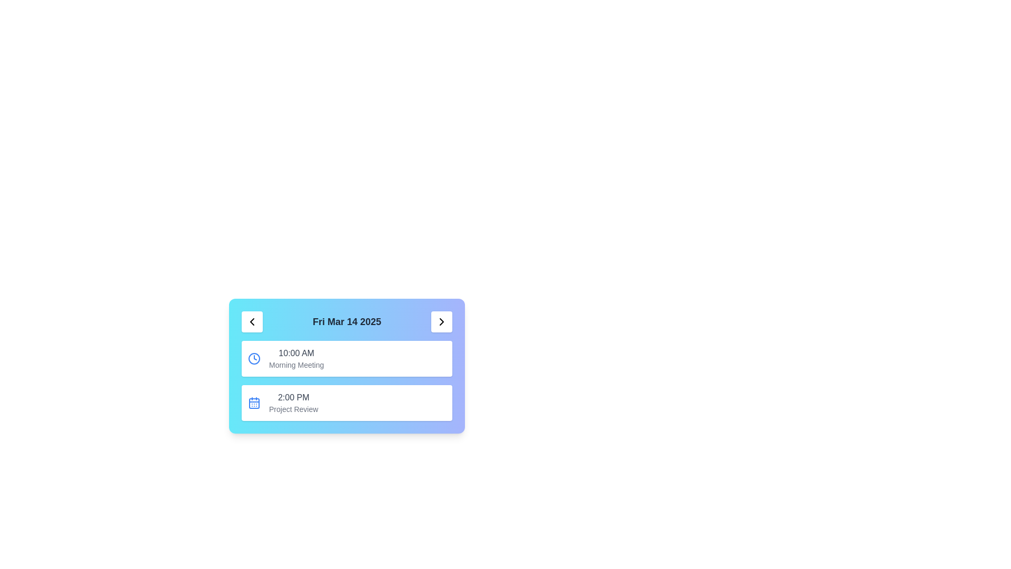  Describe the element at coordinates (293, 403) in the screenshot. I see `the text display element showing '2:00 PM' followed by 'Project Review'` at that location.